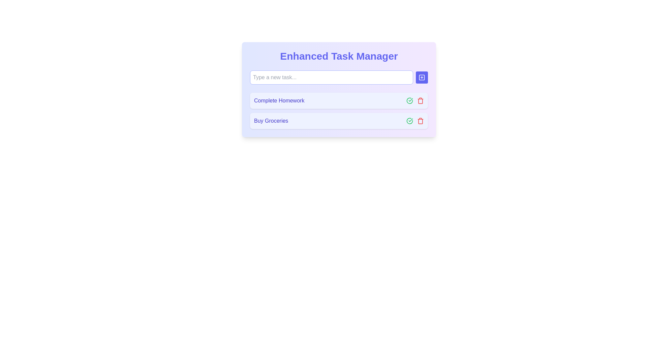  Describe the element at coordinates (339, 56) in the screenshot. I see `title 'Enhanced Task Manager' from the text label displayed in bold, large font with a gradient indigo color, centrally aligned within a gradient purple background` at that location.